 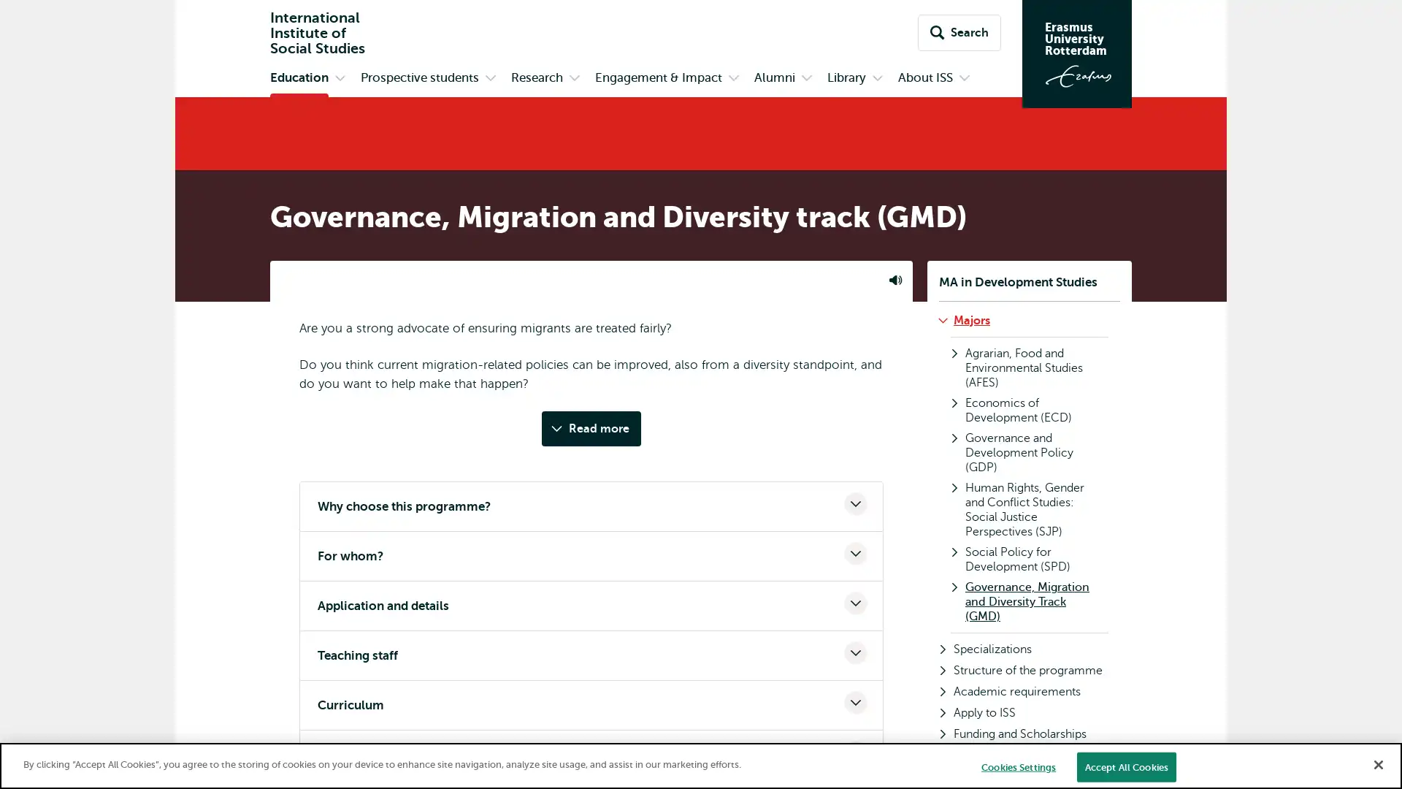 I want to click on Application and details, so click(x=591, y=606).